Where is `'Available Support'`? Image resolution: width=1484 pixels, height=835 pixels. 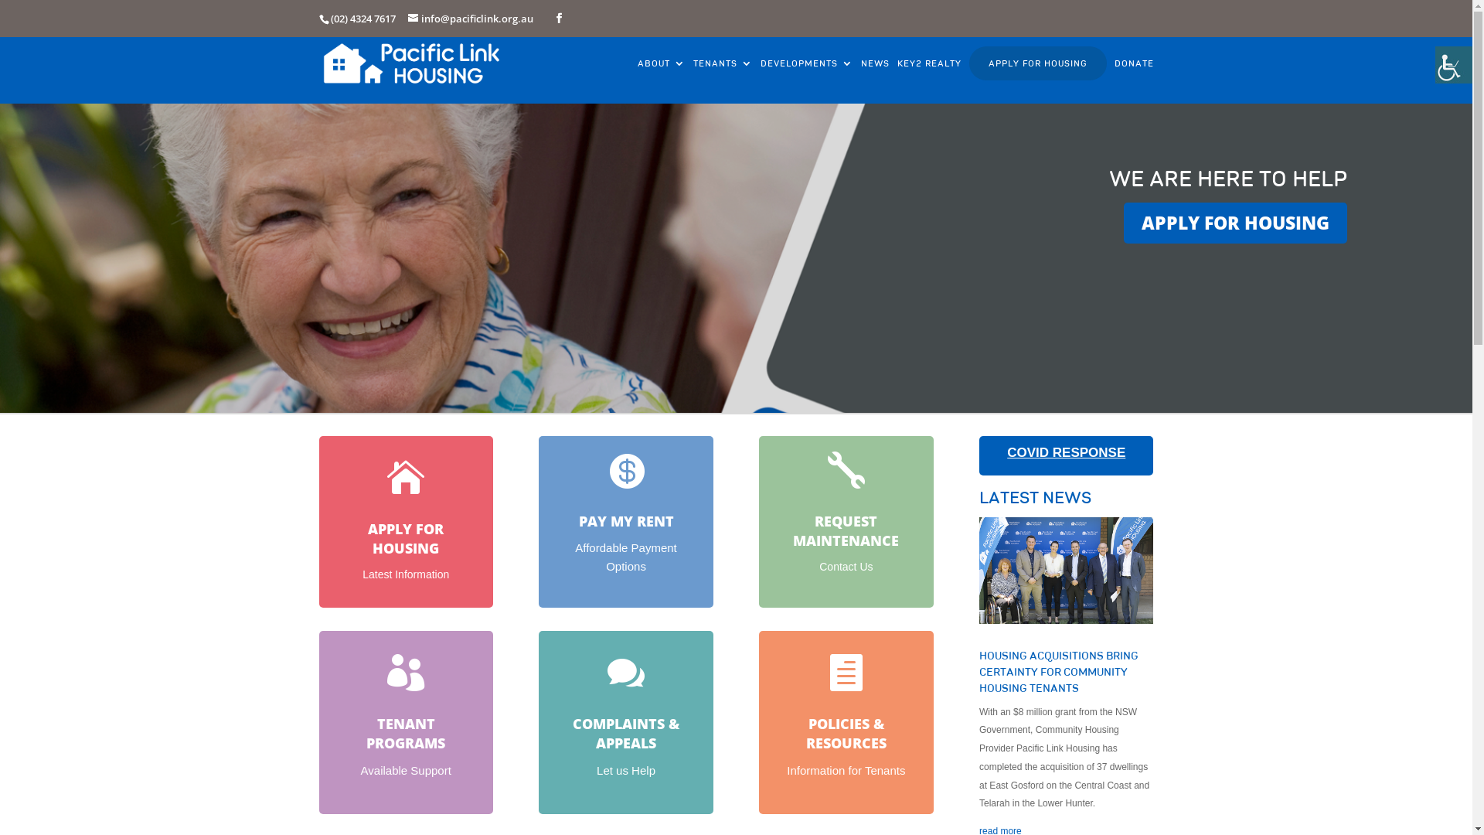
'Available Support' is located at coordinates (406, 770).